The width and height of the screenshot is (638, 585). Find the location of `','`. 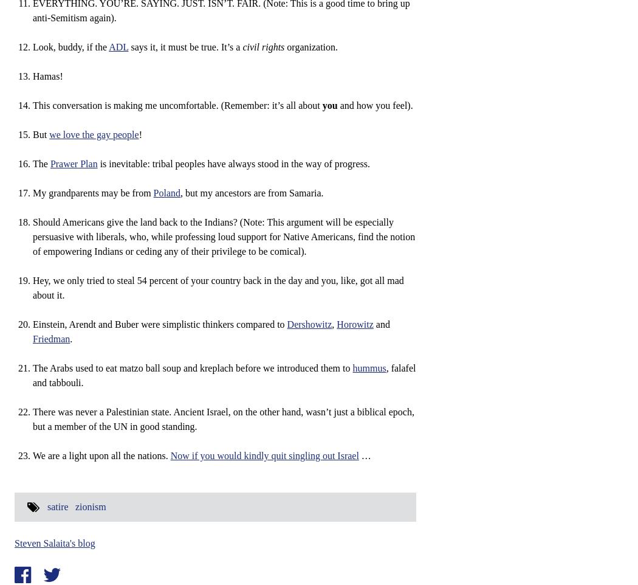

',' is located at coordinates (334, 324).